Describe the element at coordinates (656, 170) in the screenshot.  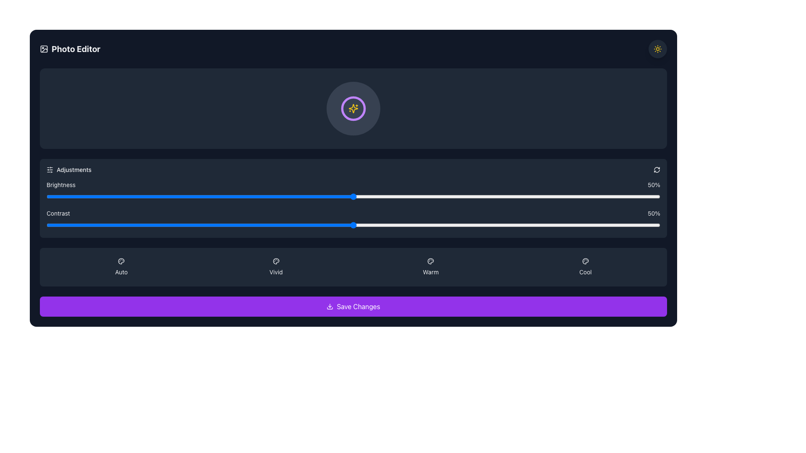
I see `the Icon Button that serves as a reset or reload functionality located at the right end of the 'Adjustments' section` at that location.